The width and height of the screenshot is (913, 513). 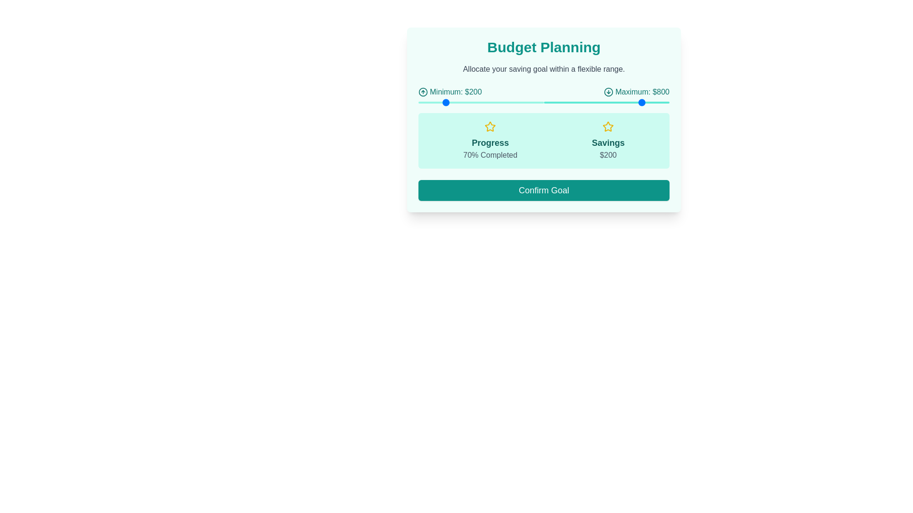 I want to click on the 'Savings' icon located on the right side of the 'Savings' card within the financial planning interface, so click(x=490, y=126).